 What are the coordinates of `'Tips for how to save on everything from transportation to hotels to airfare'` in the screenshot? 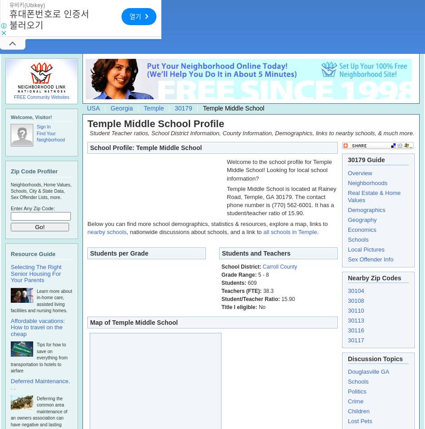 It's located at (39, 357).